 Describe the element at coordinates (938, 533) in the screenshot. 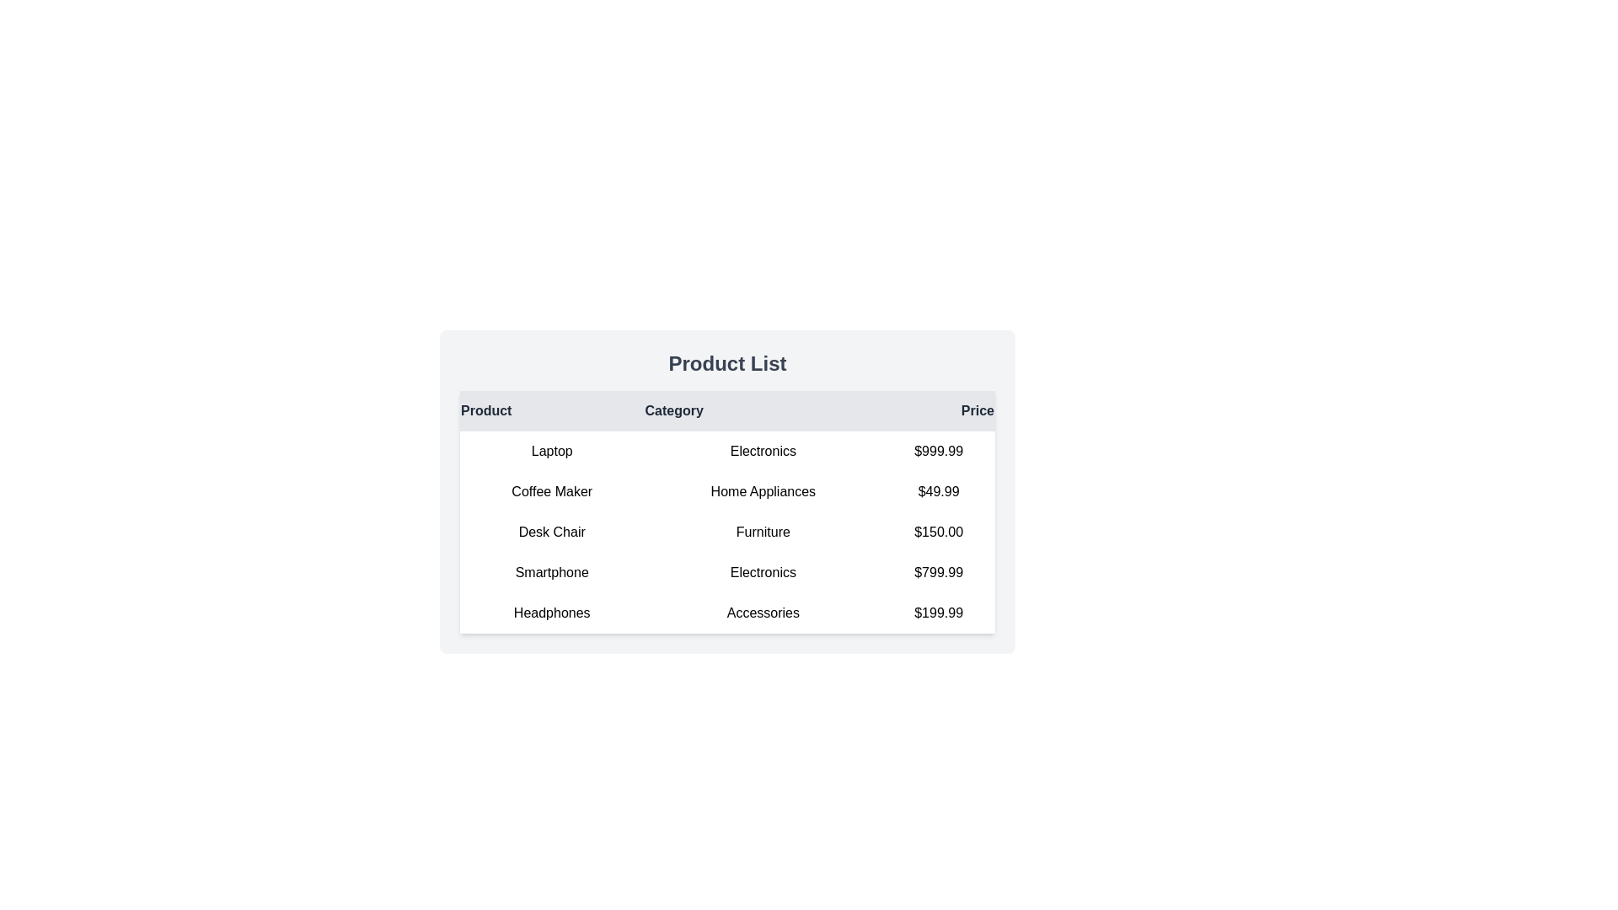

I see `the price text of the 'Desk Chair' item in the 'Product List' table, which is located in the third row under the 'Price' column` at that location.